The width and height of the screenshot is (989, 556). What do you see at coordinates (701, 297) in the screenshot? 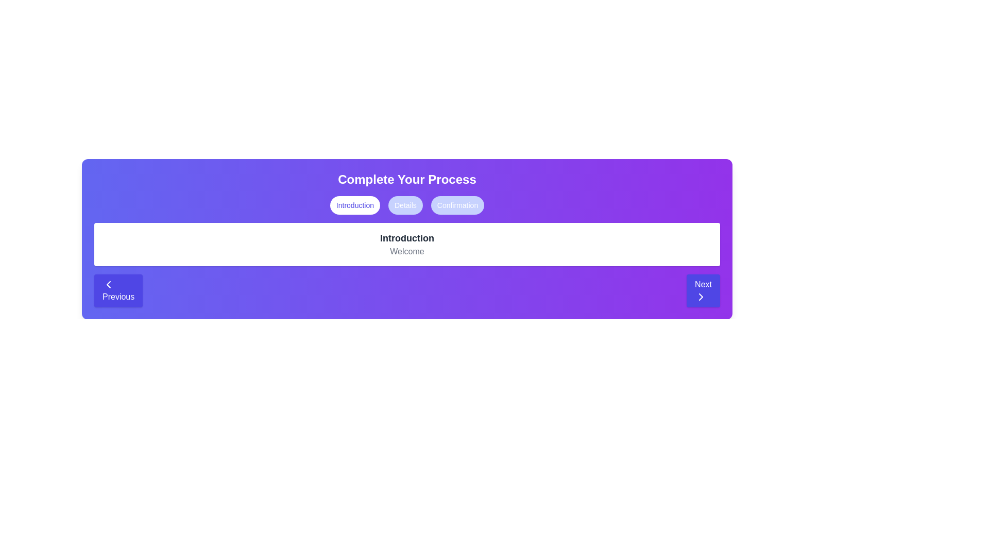
I see `the chevron icon within the 'Next' button located in the bottom-right corner of the interface` at bounding box center [701, 297].